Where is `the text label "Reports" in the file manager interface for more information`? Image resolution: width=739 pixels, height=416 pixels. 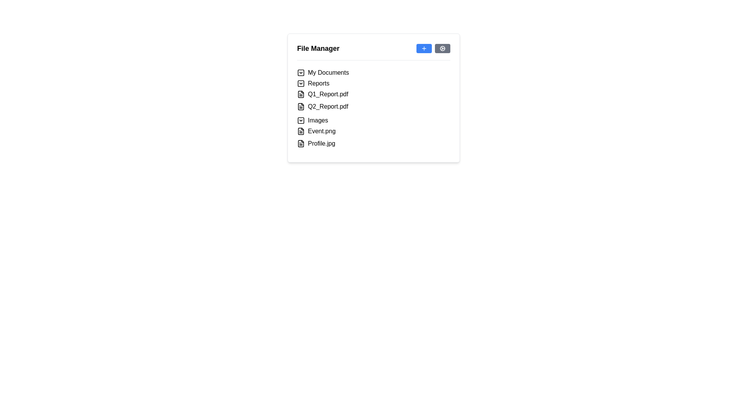
the text label "Reports" in the file manager interface for more information is located at coordinates (319, 83).